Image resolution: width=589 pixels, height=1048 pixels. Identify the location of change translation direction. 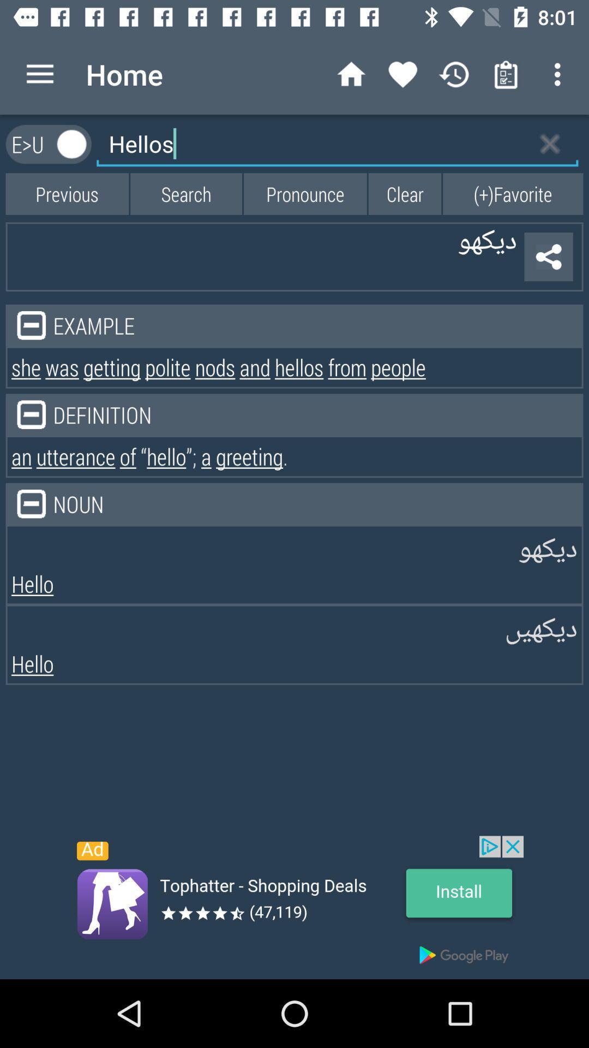
(72, 144).